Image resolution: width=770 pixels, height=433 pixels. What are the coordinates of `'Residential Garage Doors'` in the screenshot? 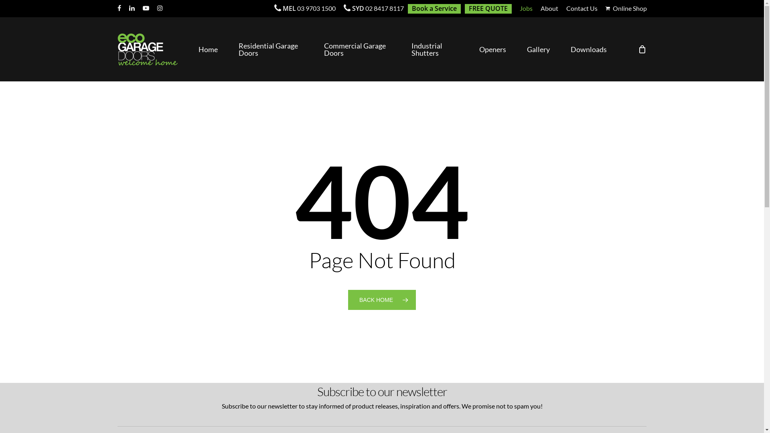 It's located at (238, 49).